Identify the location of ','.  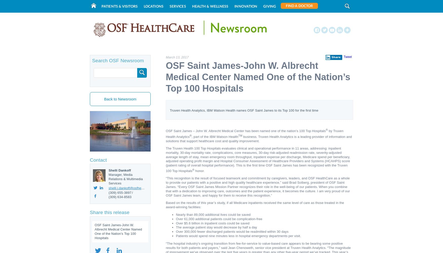
(180, 57).